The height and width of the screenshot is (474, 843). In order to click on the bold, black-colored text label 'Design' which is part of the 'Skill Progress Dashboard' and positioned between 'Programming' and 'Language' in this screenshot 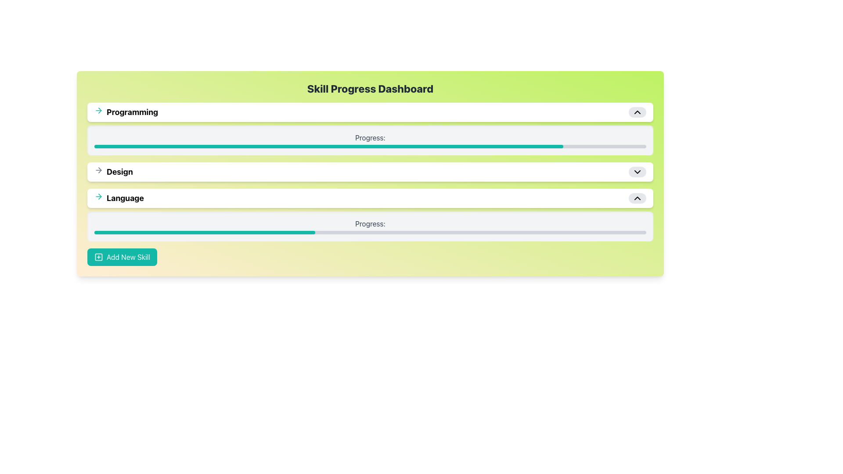, I will do `click(119, 172)`.